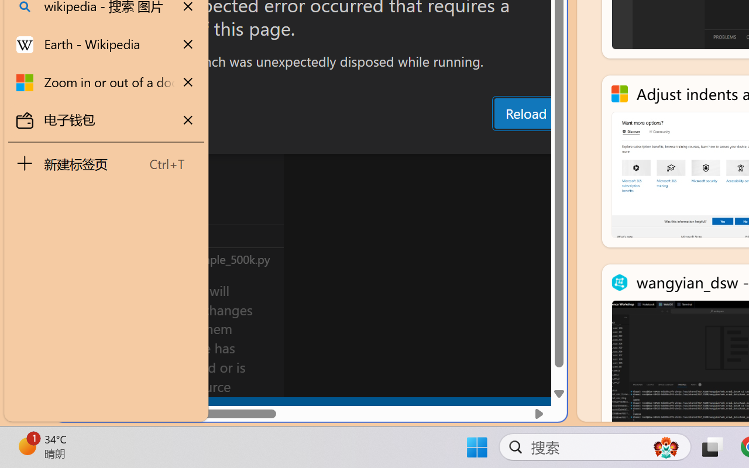 Image resolution: width=749 pixels, height=468 pixels. What do you see at coordinates (407, 142) in the screenshot?
I see `'Output (Ctrl+Shift+U)'` at bounding box center [407, 142].